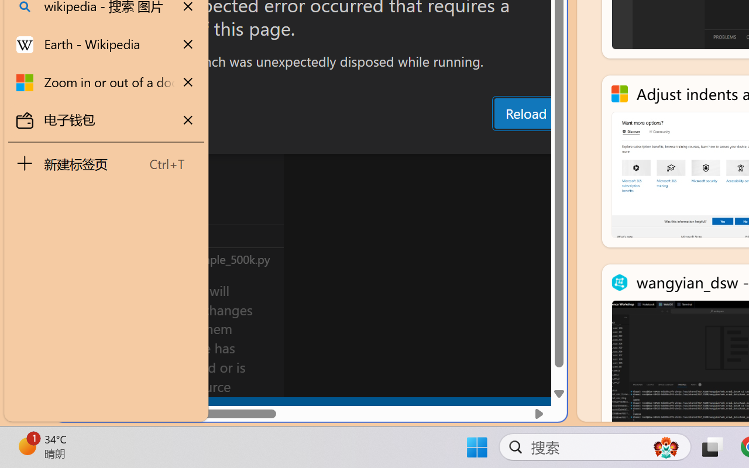 Image resolution: width=749 pixels, height=468 pixels. What do you see at coordinates (407, 142) in the screenshot?
I see `'Output (Ctrl+Shift+U)'` at bounding box center [407, 142].